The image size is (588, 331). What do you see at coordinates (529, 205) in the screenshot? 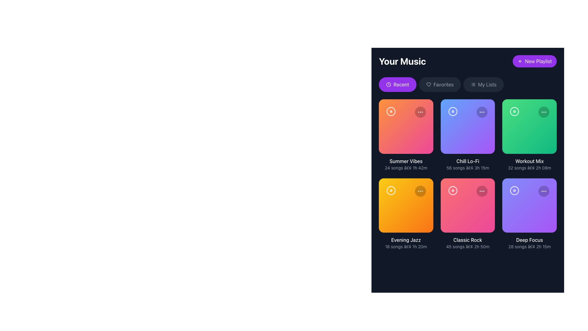
I see `the 'Deep Focus' card located in the bottom-right corner of the grid` at bounding box center [529, 205].